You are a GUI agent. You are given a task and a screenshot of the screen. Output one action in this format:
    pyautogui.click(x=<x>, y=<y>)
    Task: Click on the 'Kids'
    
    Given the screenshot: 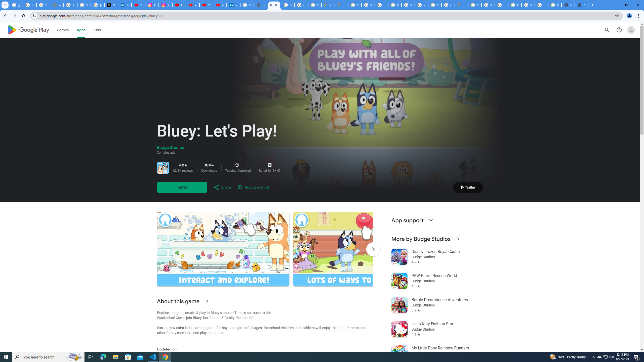 What is the action you would take?
    pyautogui.click(x=97, y=30)
    